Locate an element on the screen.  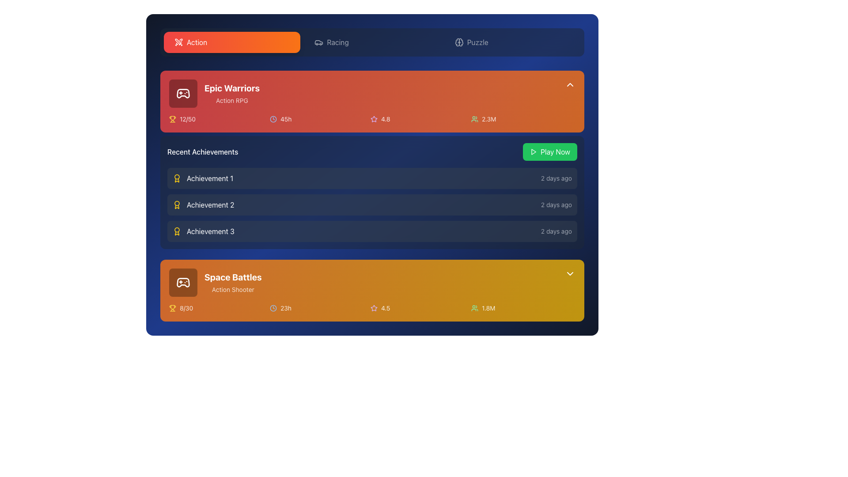
the small light blue clock icon located to the left of the text '23h' in the 'Space Battles' game section is located at coordinates (273, 308).